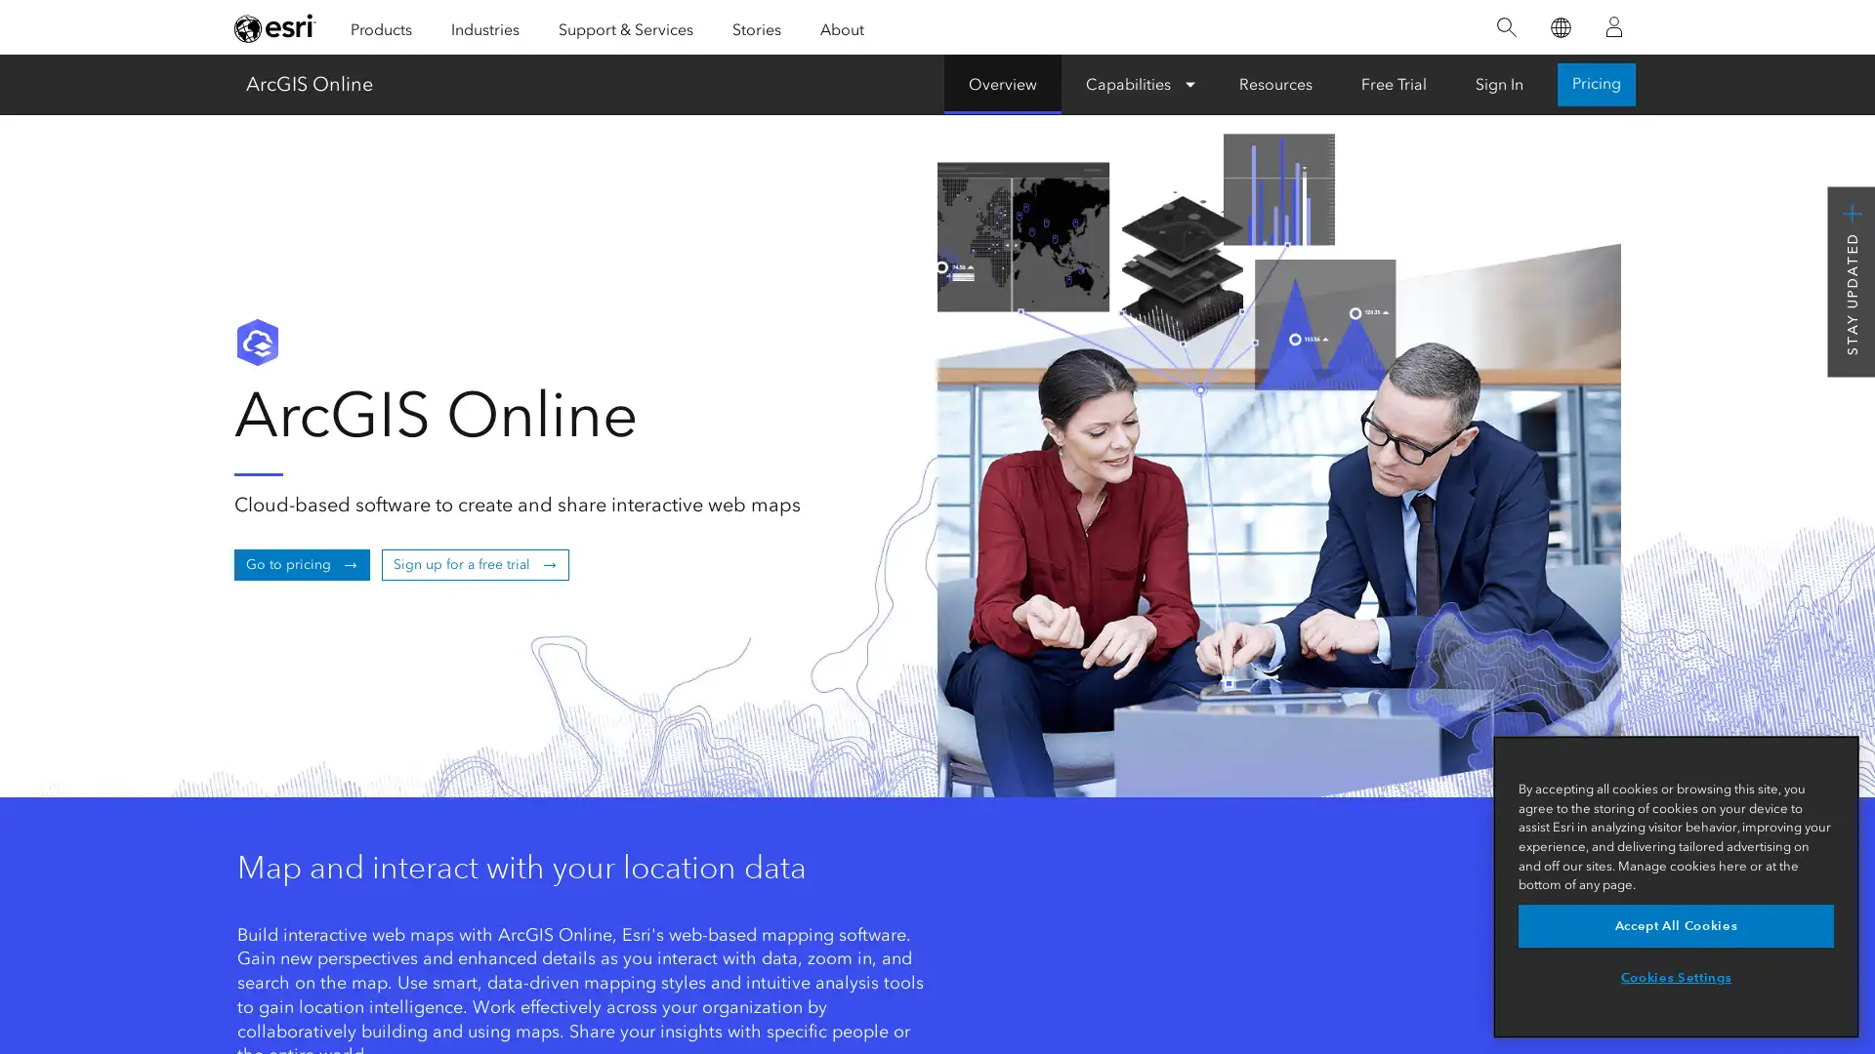 The width and height of the screenshot is (1875, 1054). What do you see at coordinates (381, 26) in the screenshot?
I see `Products` at bounding box center [381, 26].